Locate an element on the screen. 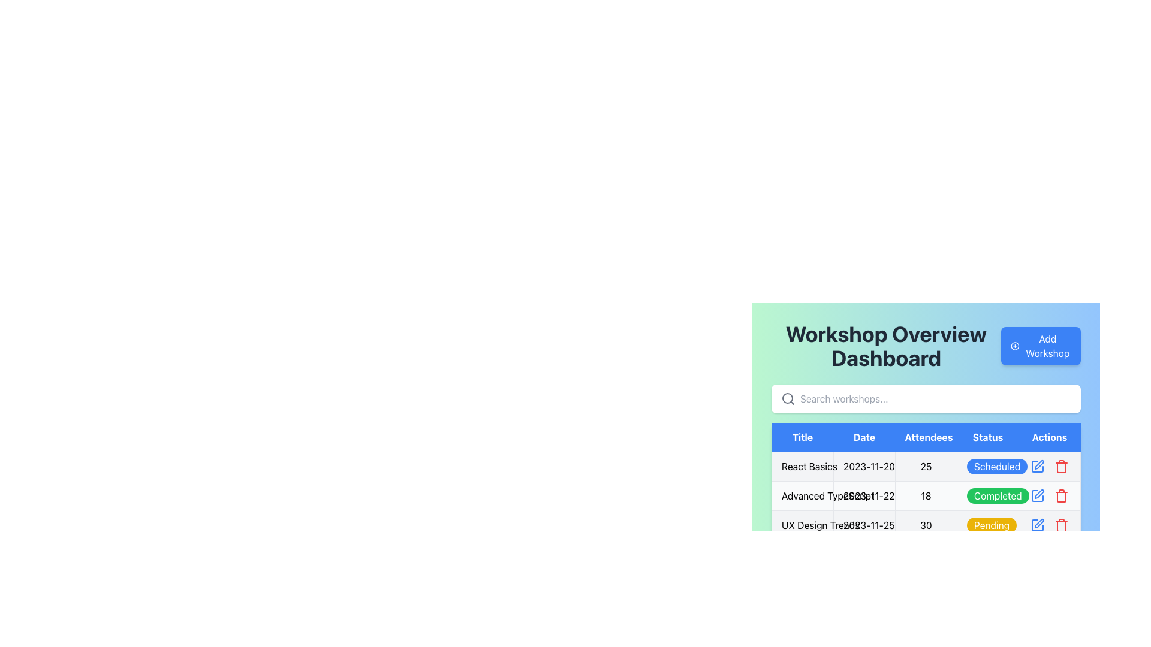  the trash bin icon in the 'Actions' column corresponding to the 'UX Design Trends' workshop to change its color to a darker shade of red is located at coordinates (1062, 524).